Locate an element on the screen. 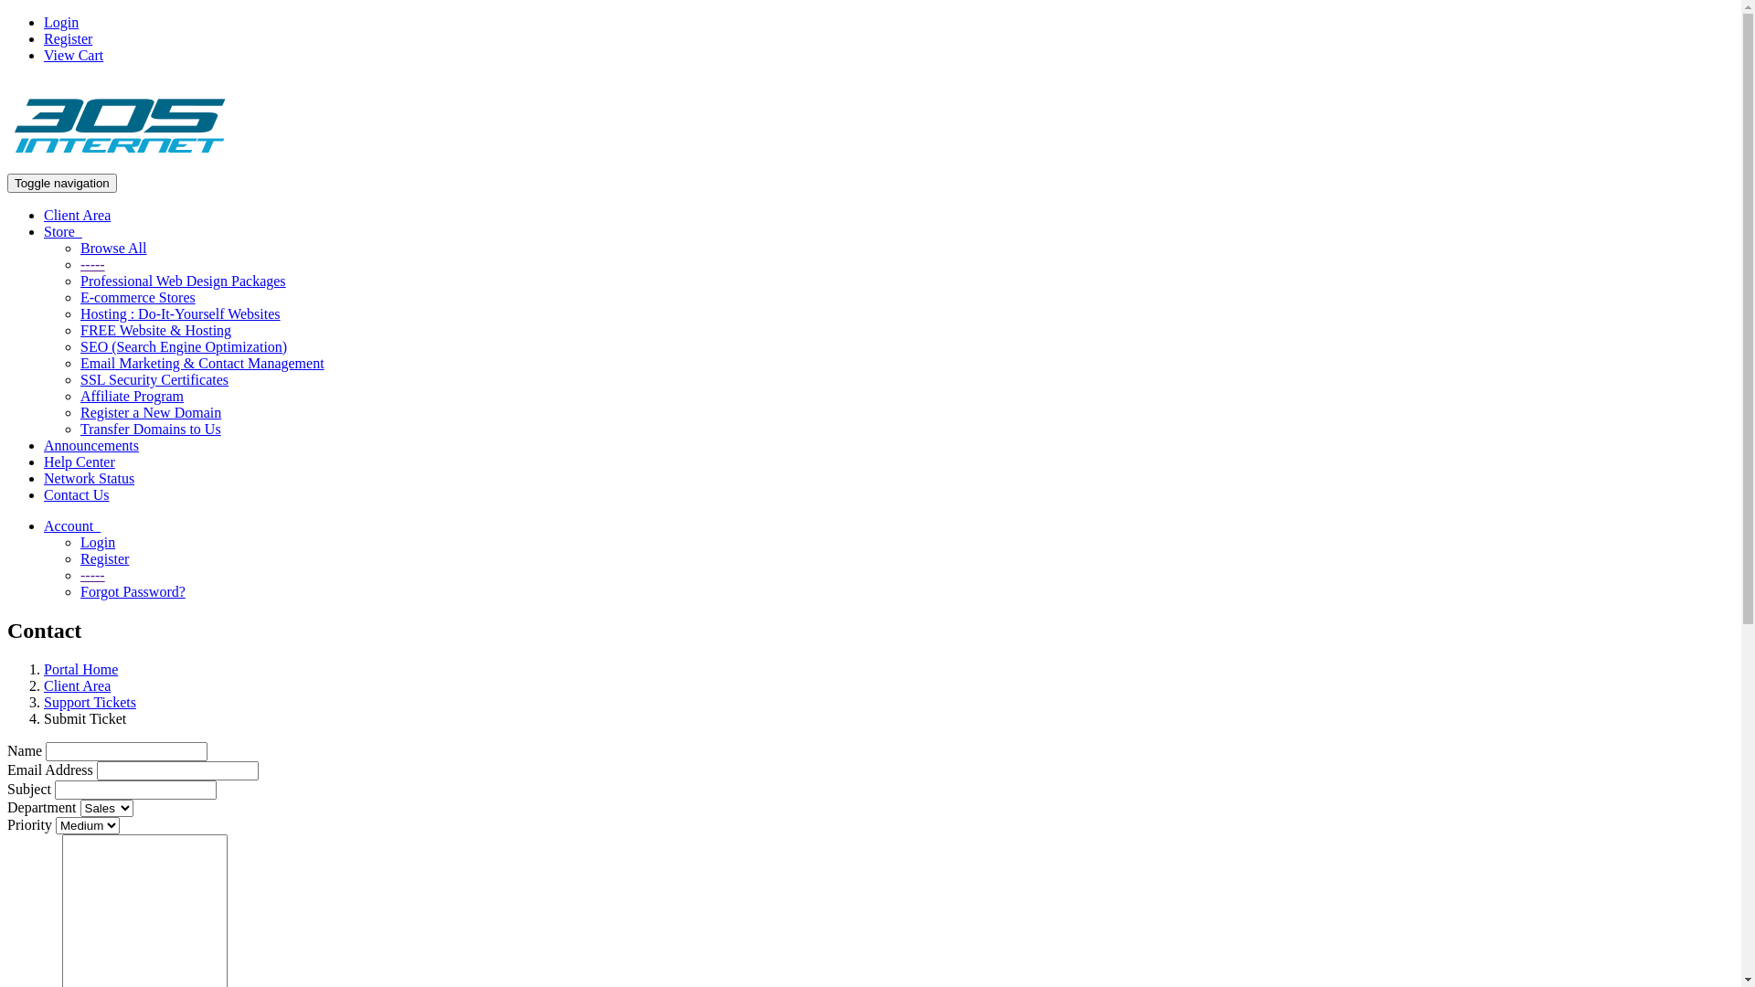  'Network Status' is located at coordinates (88, 477).